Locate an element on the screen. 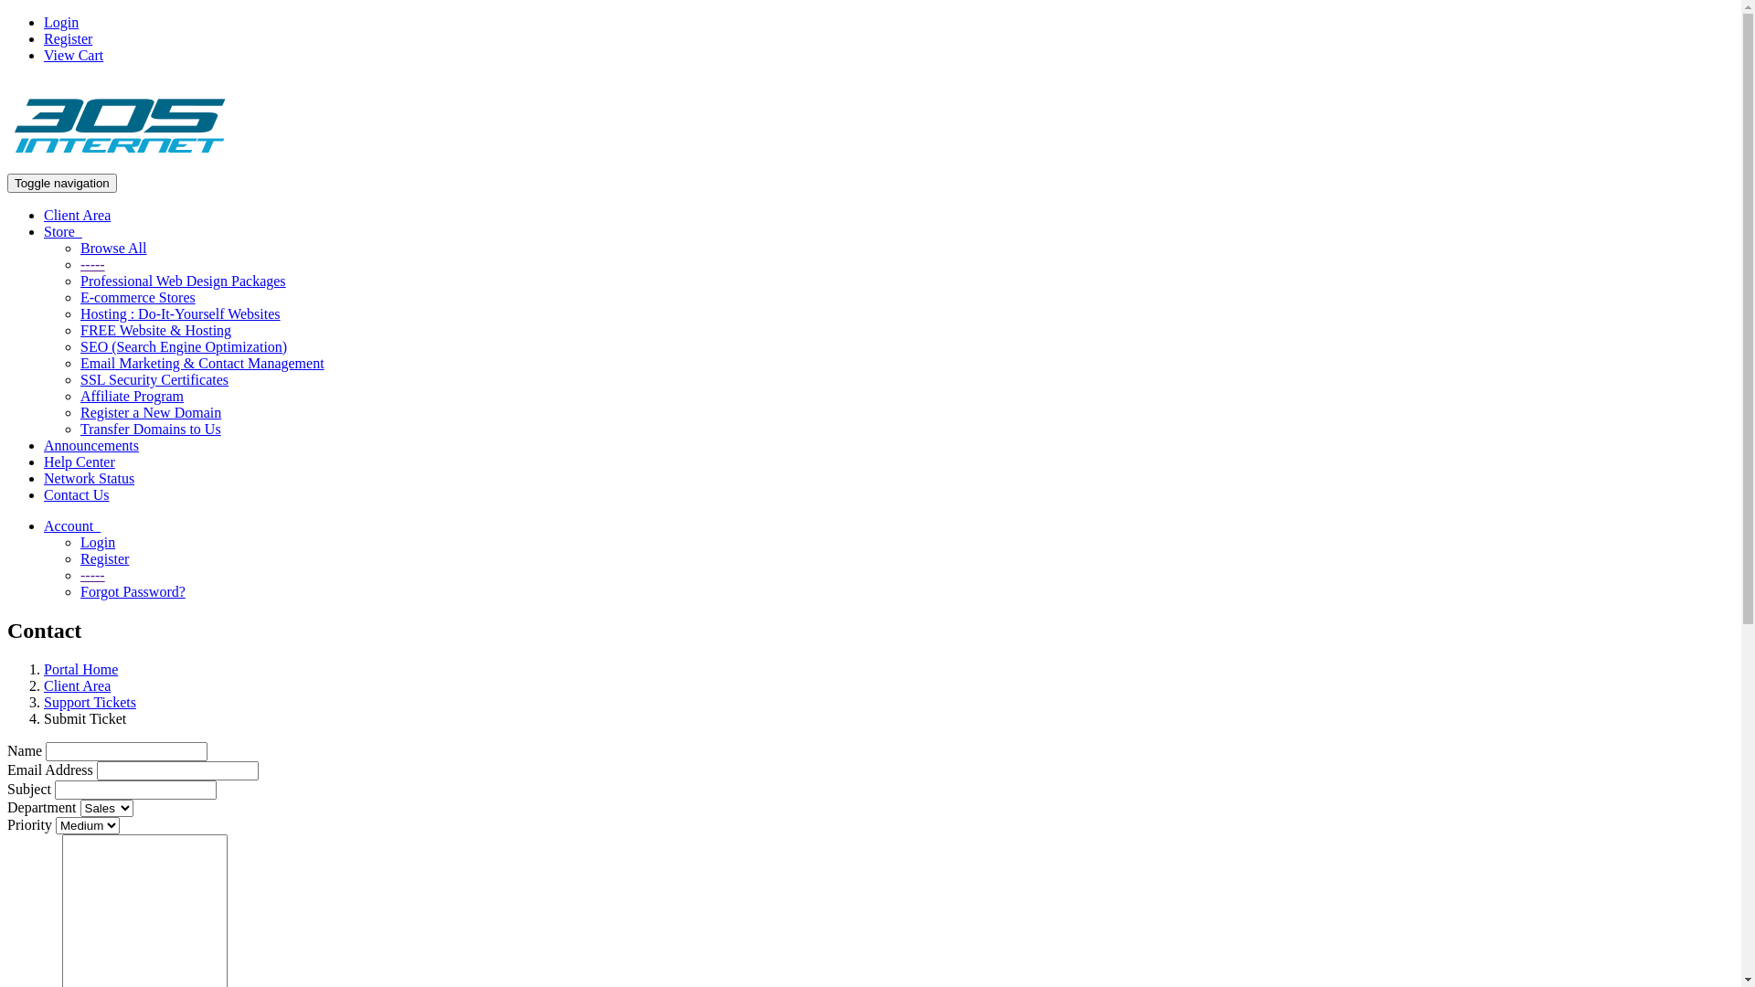  'Network Status' is located at coordinates (88, 477).